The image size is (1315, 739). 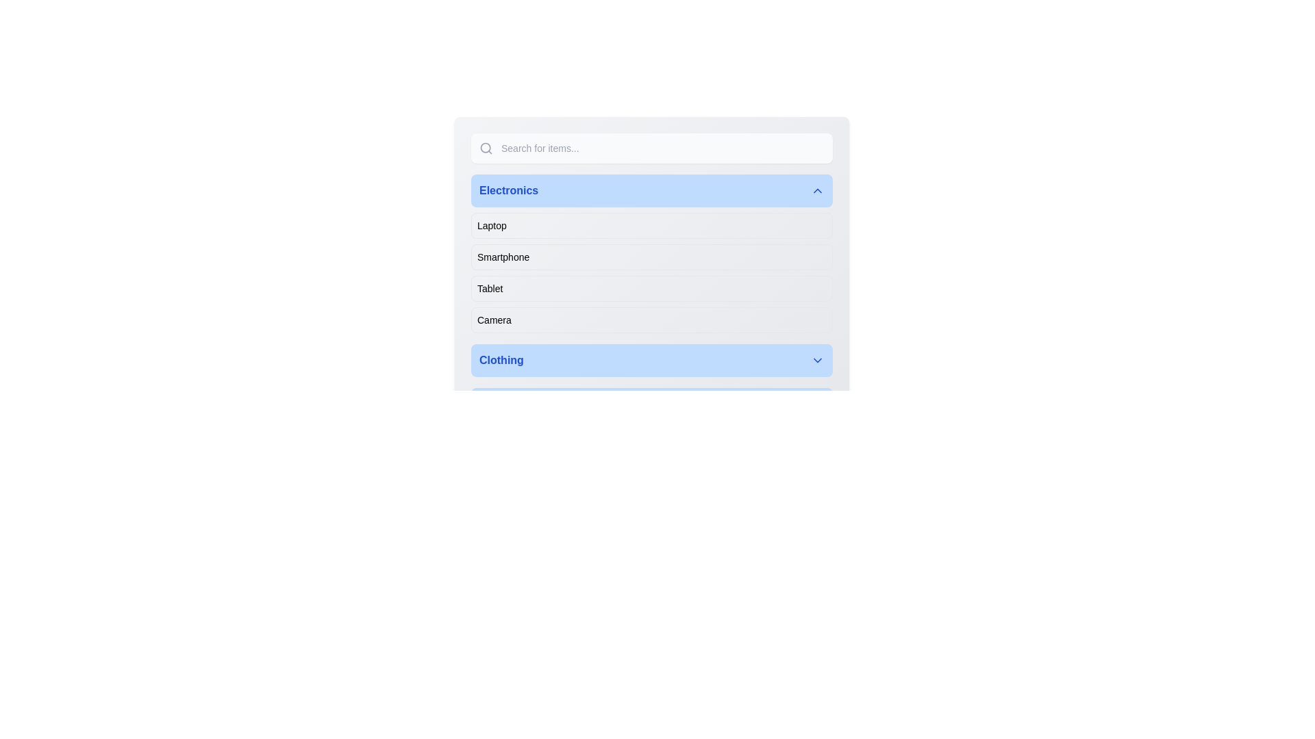 What do you see at coordinates (663, 148) in the screenshot?
I see `the text input field that allows users to enter search queries, enabling input methods` at bounding box center [663, 148].